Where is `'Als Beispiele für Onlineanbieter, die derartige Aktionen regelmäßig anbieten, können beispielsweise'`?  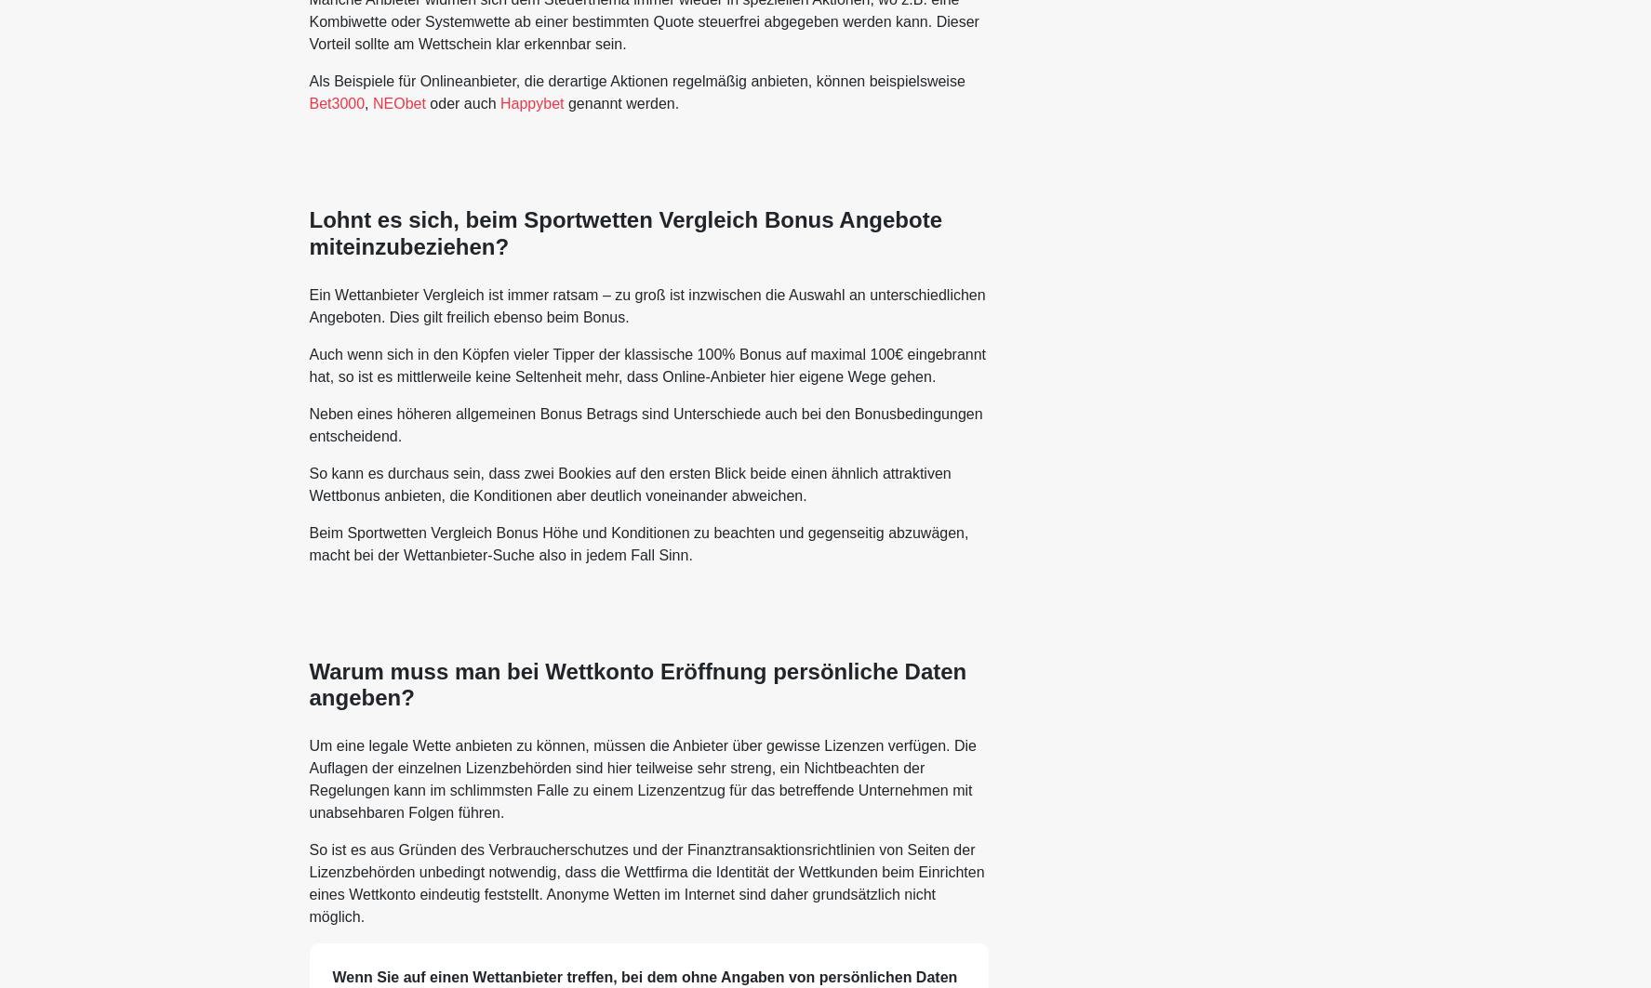
'Als Beispiele für Onlineanbieter, die derartige Aktionen regelmäßig anbieten, können beispielsweise' is located at coordinates (635, 80).